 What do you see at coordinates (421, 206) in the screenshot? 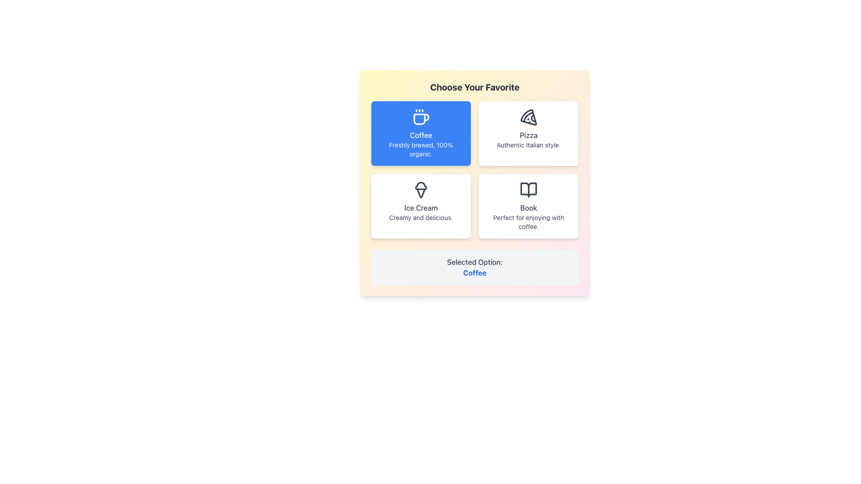
I see `the 'Ice Cream' option card` at bounding box center [421, 206].